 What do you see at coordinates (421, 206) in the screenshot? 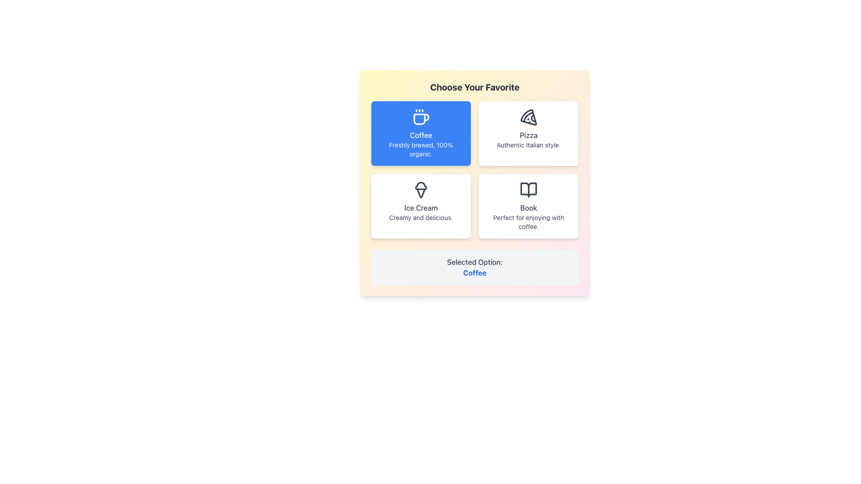
I see `the 'Ice Cream' option card` at bounding box center [421, 206].